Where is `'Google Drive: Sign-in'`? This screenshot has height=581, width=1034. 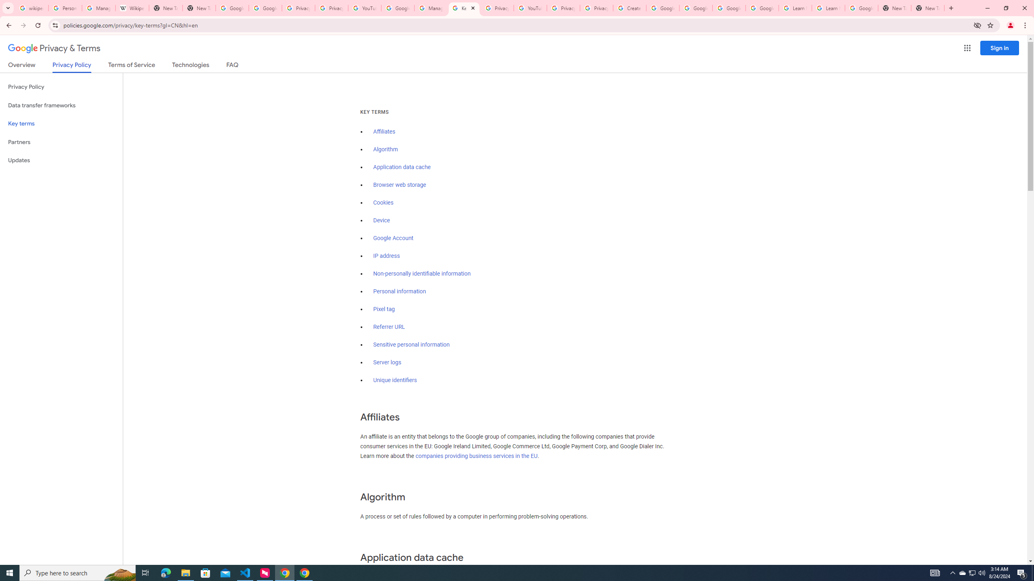
'Google Drive: Sign-in' is located at coordinates (265, 8).